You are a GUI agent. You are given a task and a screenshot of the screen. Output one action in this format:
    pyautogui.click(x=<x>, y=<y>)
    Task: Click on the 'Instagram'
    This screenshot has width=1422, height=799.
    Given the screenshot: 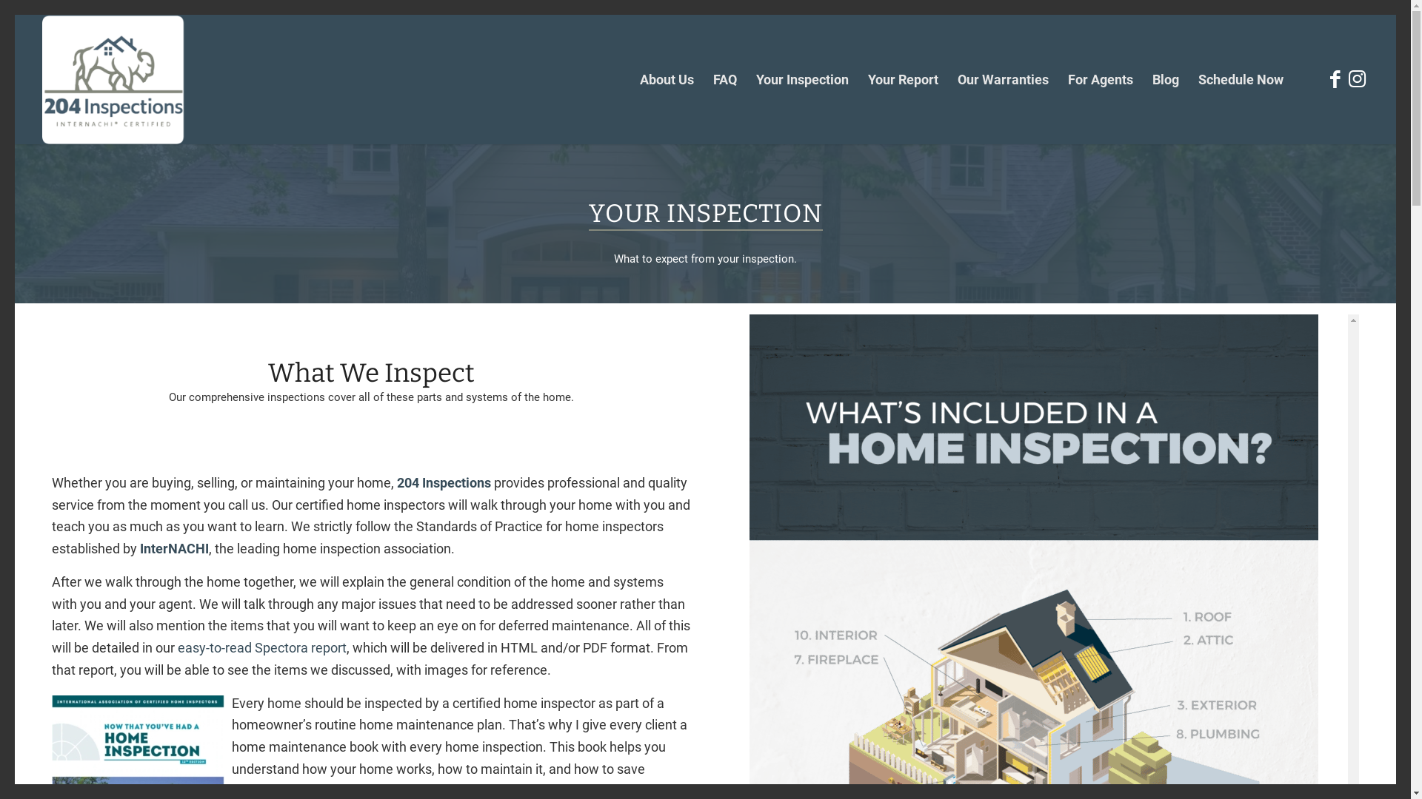 What is the action you would take?
    pyautogui.click(x=1358, y=79)
    